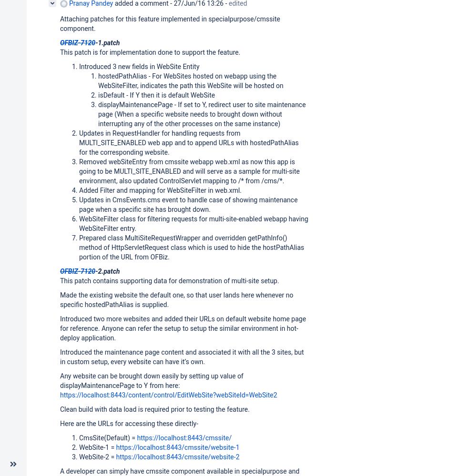 The height and width of the screenshot is (476, 472). I want to click on 'Updates in CmsEvents.cms event to handle case of showing maintenance page when a specific site has brought down.', so click(188, 204).